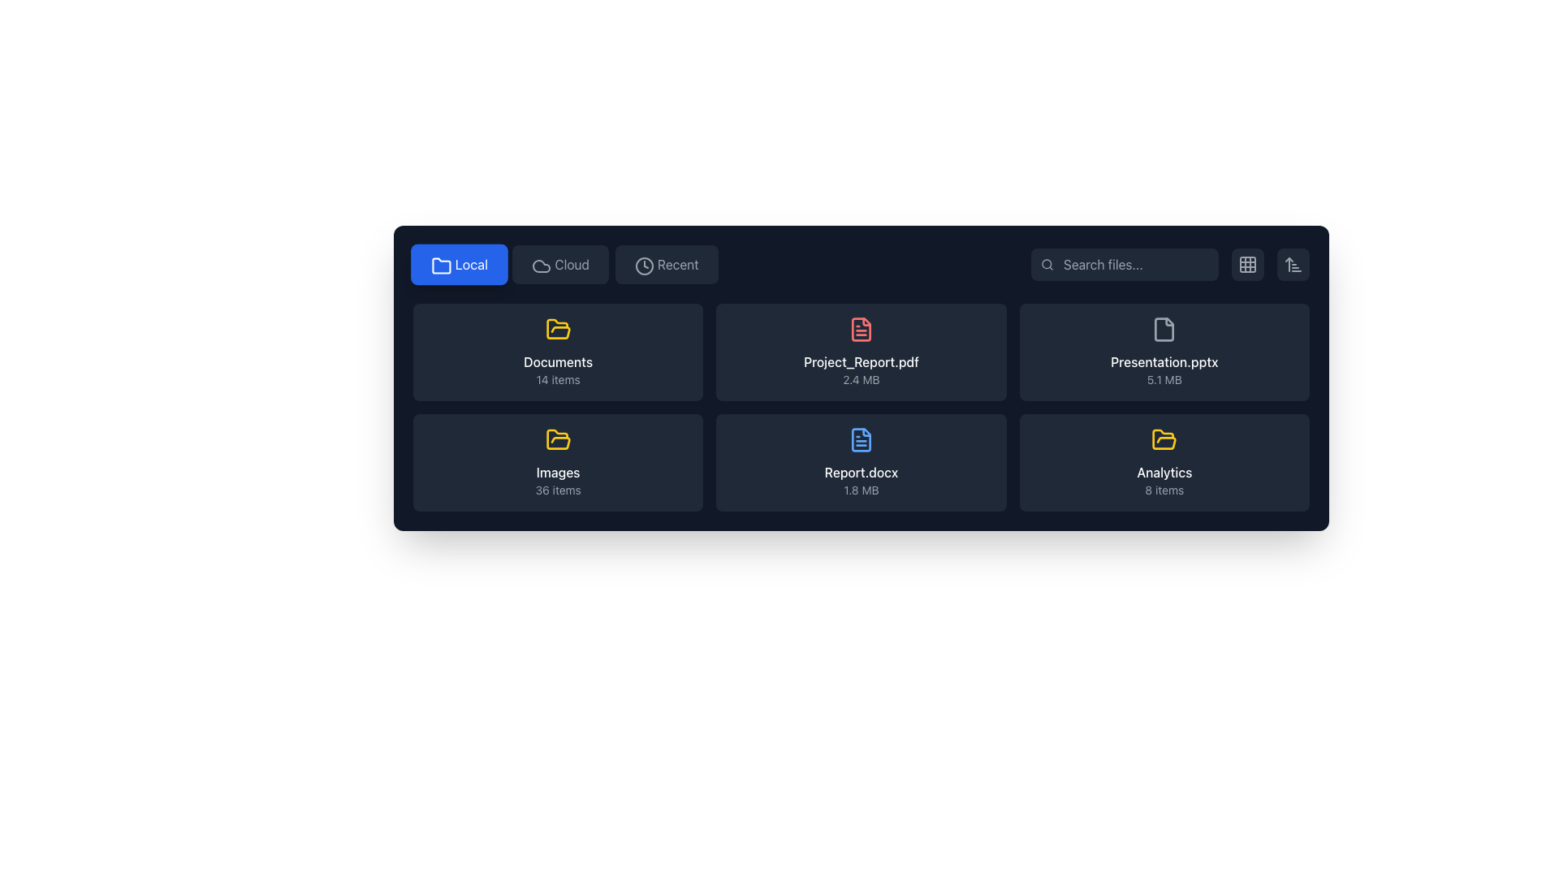 This screenshot has height=877, width=1559. What do you see at coordinates (667, 264) in the screenshot?
I see `keyboard navigation` at bounding box center [667, 264].